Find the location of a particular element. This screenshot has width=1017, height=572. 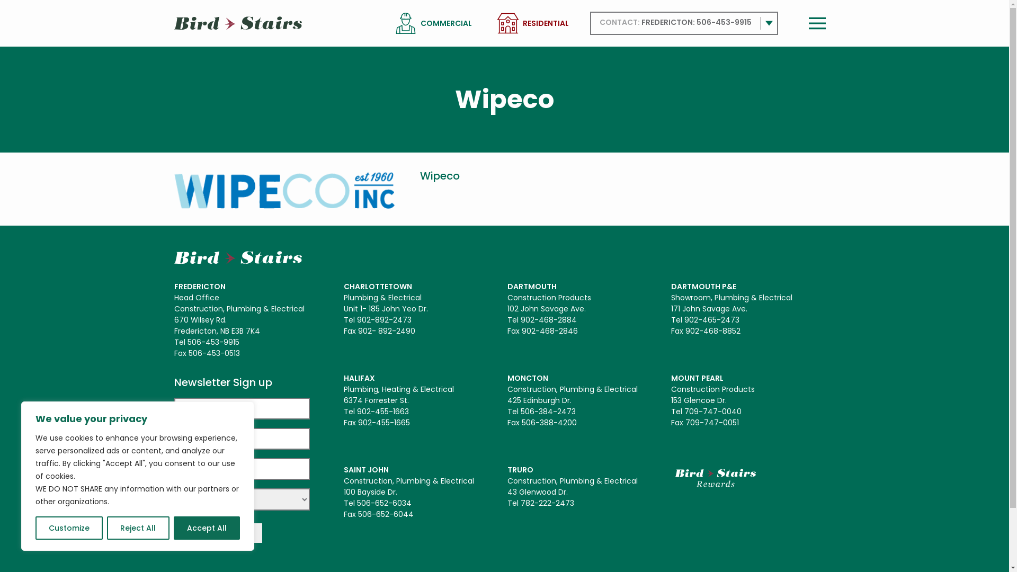

'RESIDENTIAL' is located at coordinates (545, 23).